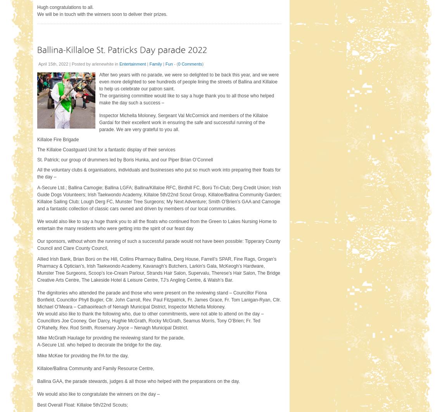 The height and width of the screenshot is (412, 442). I want to click on 'Inspector Michella Moloney, Sergeant Val McCormick and members of the Killaloe Gardaí for their excellent work in ensuring the safe and successful running of the parade. We are very grateful to you all.', so click(183, 121).